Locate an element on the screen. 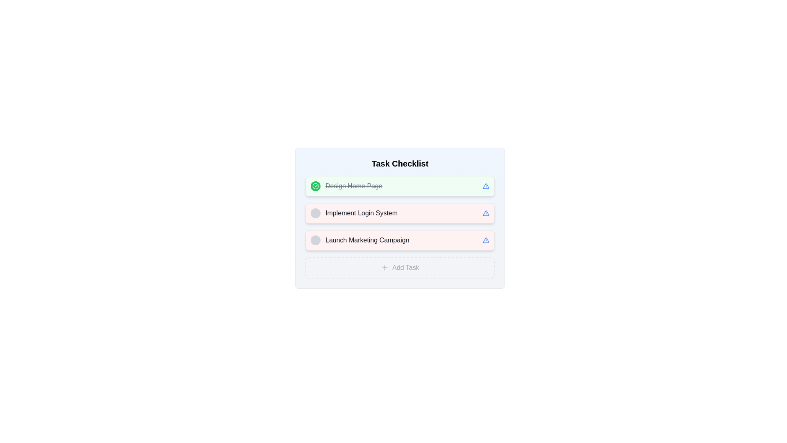 The width and height of the screenshot is (787, 443). the Task item in the checklist interface that reads 'Implement Login System' is located at coordinates (400, 218).